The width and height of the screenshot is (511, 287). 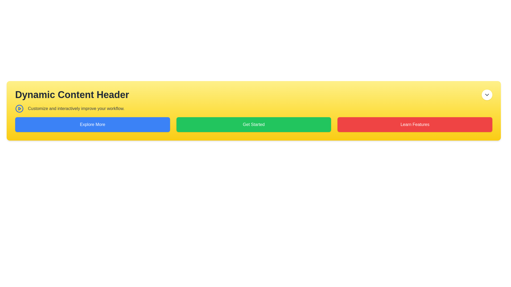 What do you see at coordinates (253, 125) in the screenshot?
I see `the 'Get Started' button, which is the second button in a horizontal layout, positioned between 'Explore More' and 'Learn Features'` at bounding box center [253, 125].